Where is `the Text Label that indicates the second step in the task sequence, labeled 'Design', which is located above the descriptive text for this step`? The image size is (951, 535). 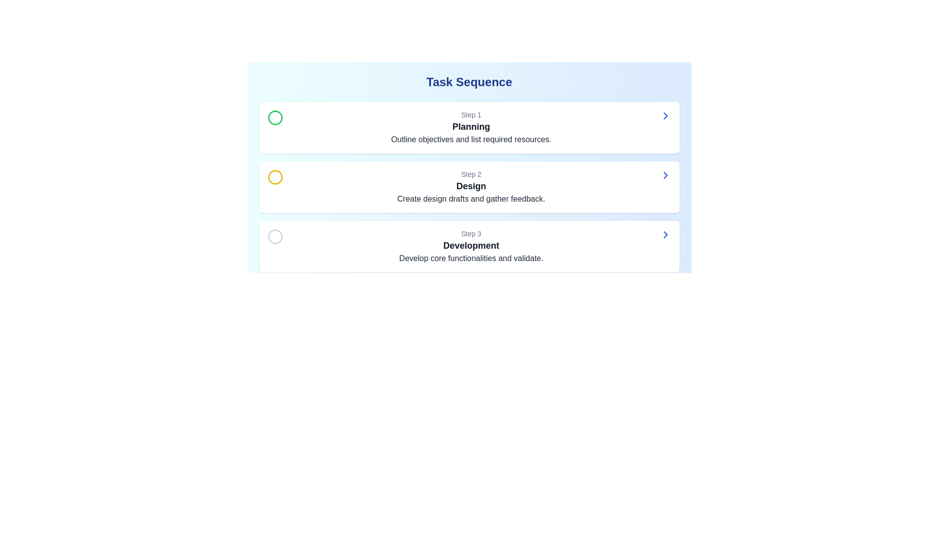
the Text Label that indicates the second step in the task sequence, labeled 'Design', which is located above the descriptive text for this step is located at coordinates (471, 186).